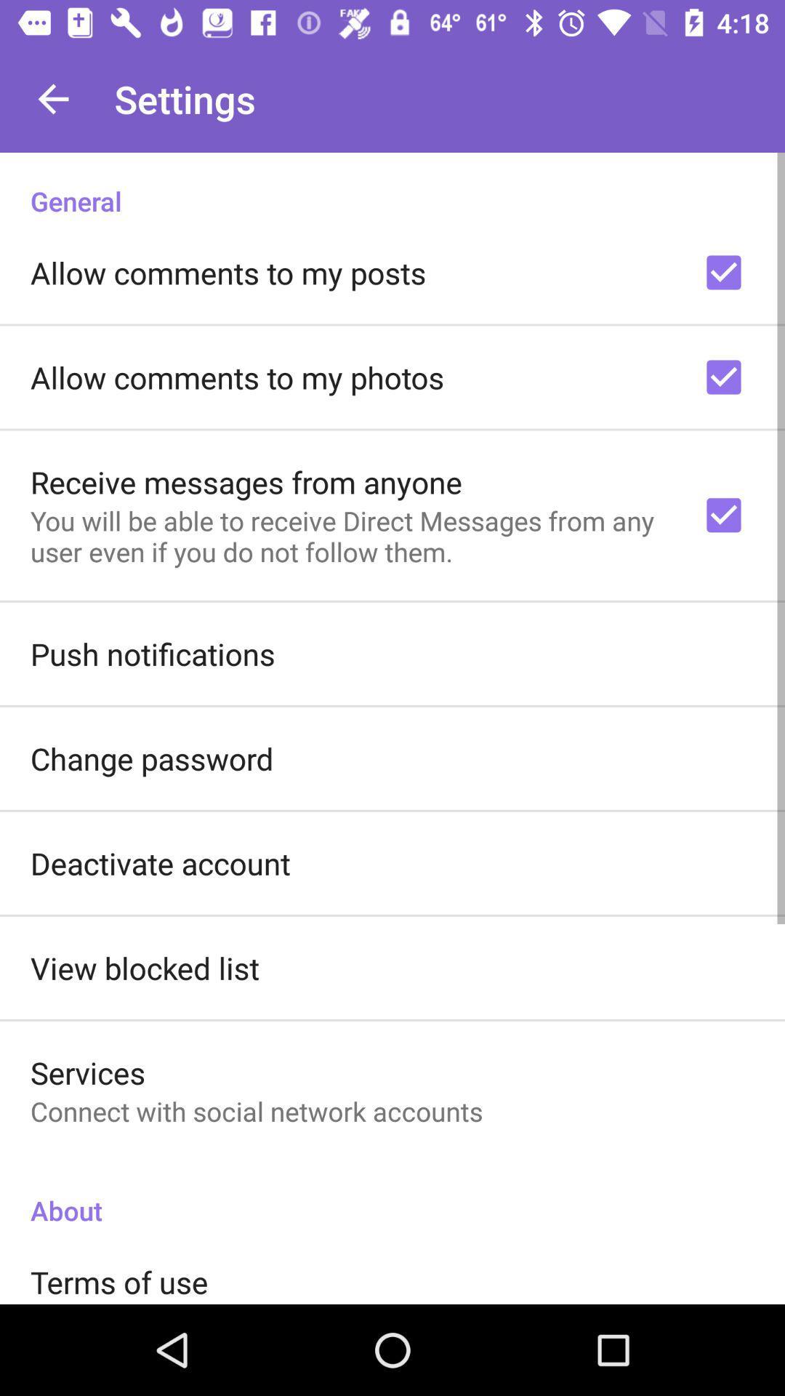 The height and width of the screenshot is (1396, 785). Describe the element at coordinates (347, 535) in the screenshot. I see `you will be icon` at that location.